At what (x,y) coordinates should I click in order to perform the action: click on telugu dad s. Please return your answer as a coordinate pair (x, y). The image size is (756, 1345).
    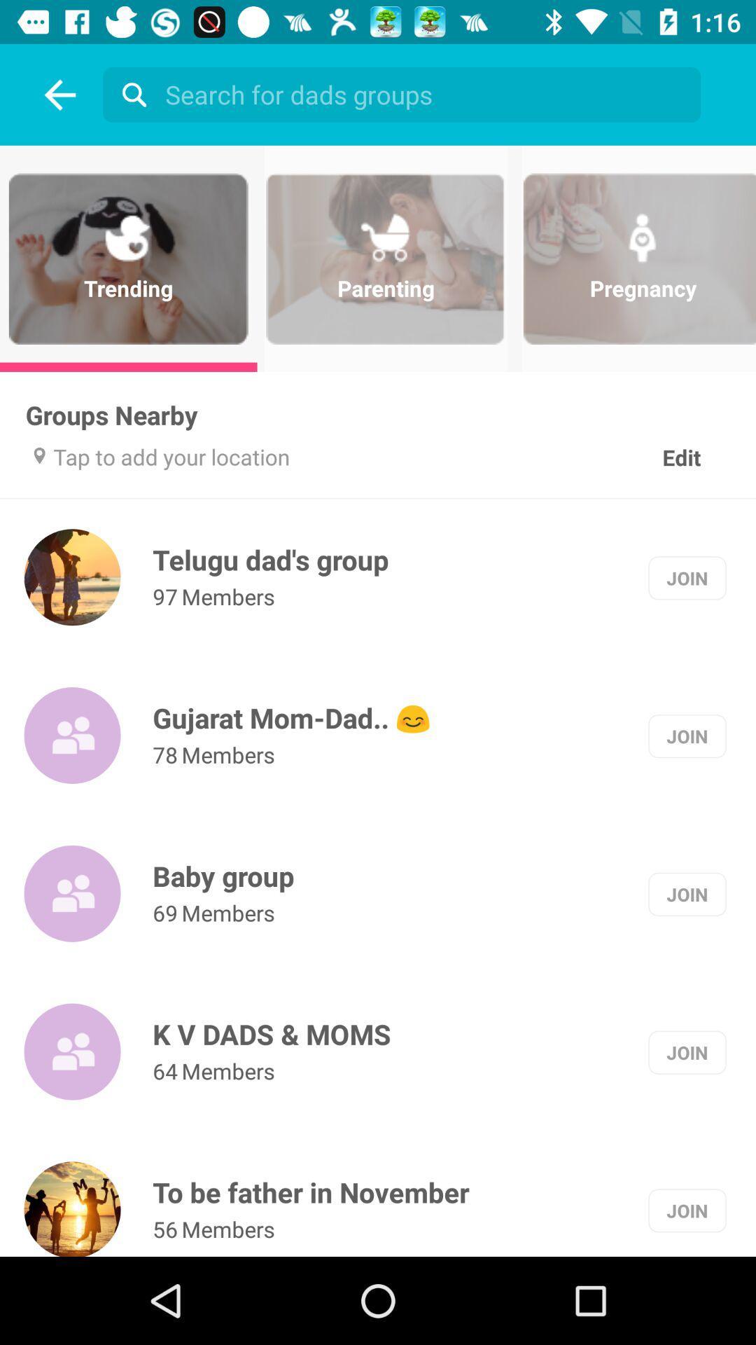
    Looking at the image, I should click on (270, 559).